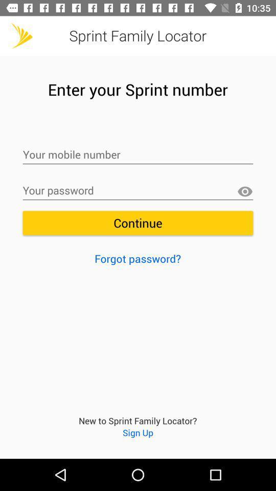 This screenshot has width=276, height=491. What do you see at coordinates (244, 191) in the screenshot?
I see `the visibility icon` at bounding box center [244, 191].